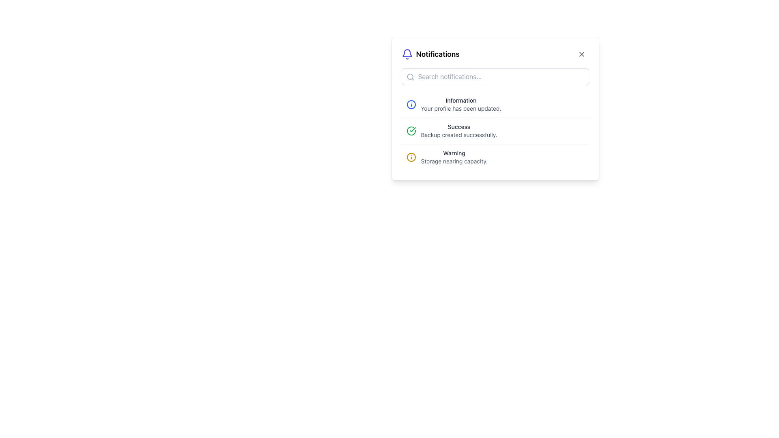 This screenshot has width=779, height=438. What do you see at coordinates (410, 77) in the screenshot?
I see `the circular lens icon of the magnifying glass within the search input box at the top of the notification panel` at bounding box center [410, 77].